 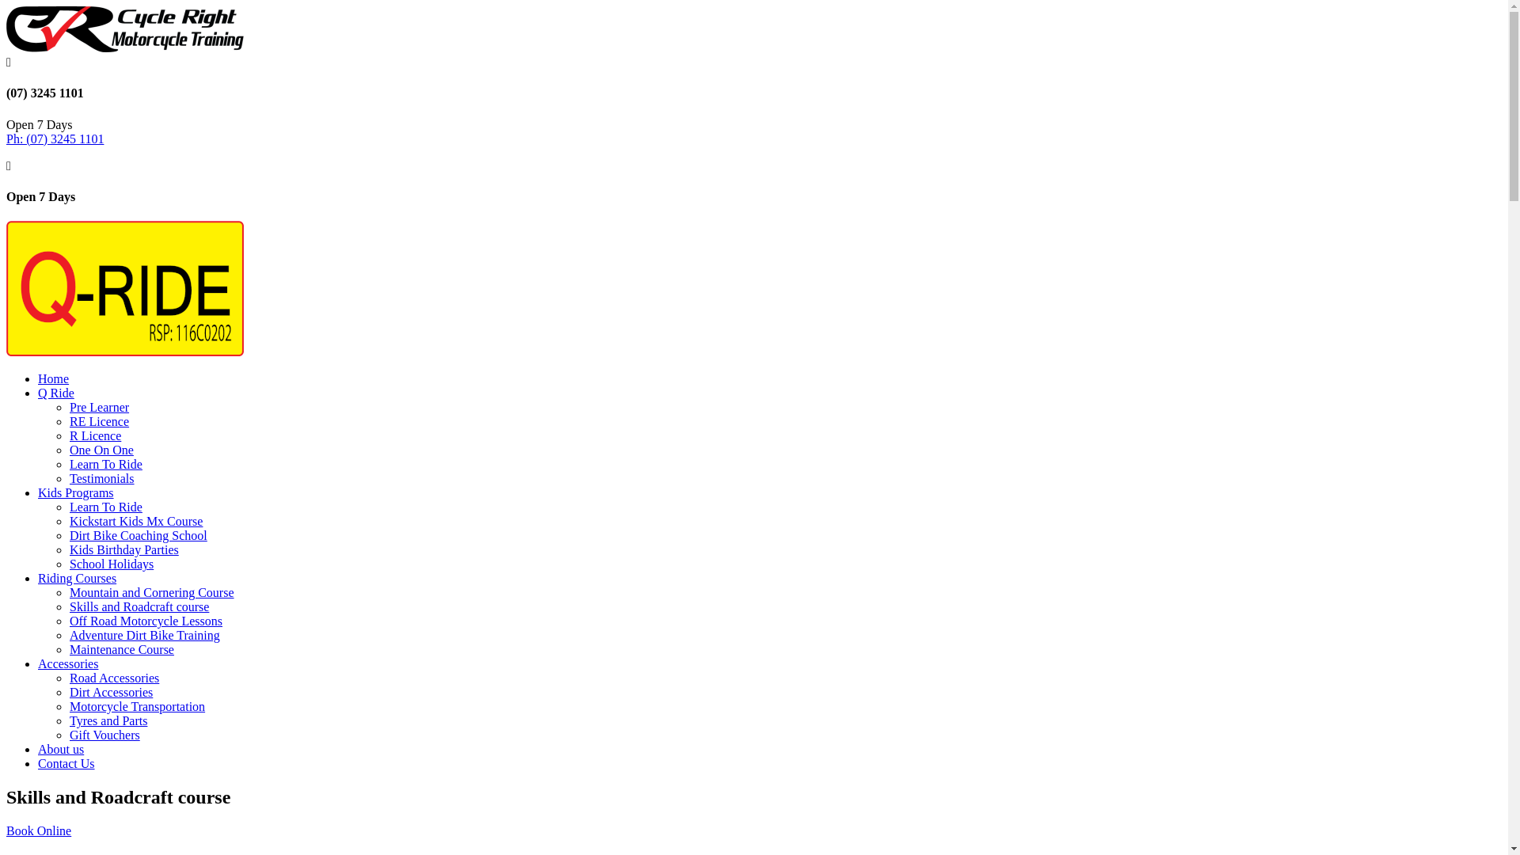 What do you see at coordinates (68, 406) in the screenshot?
I see `'Pre Learner'` at bounding box center [68, 406].